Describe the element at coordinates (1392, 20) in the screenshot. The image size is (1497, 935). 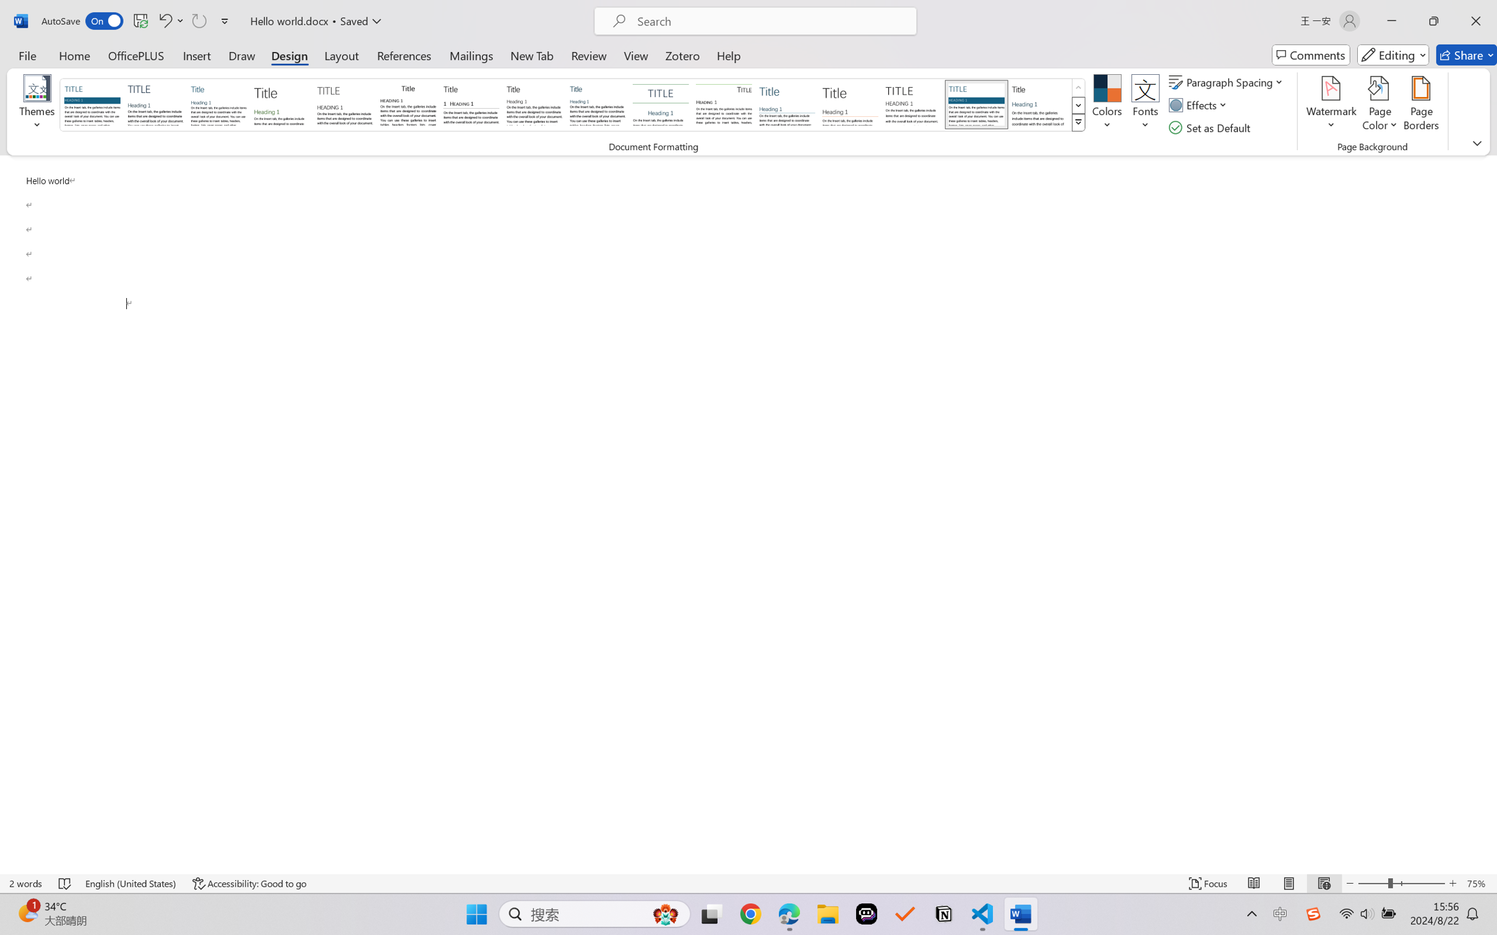
I see `'Minimize'` at that location.